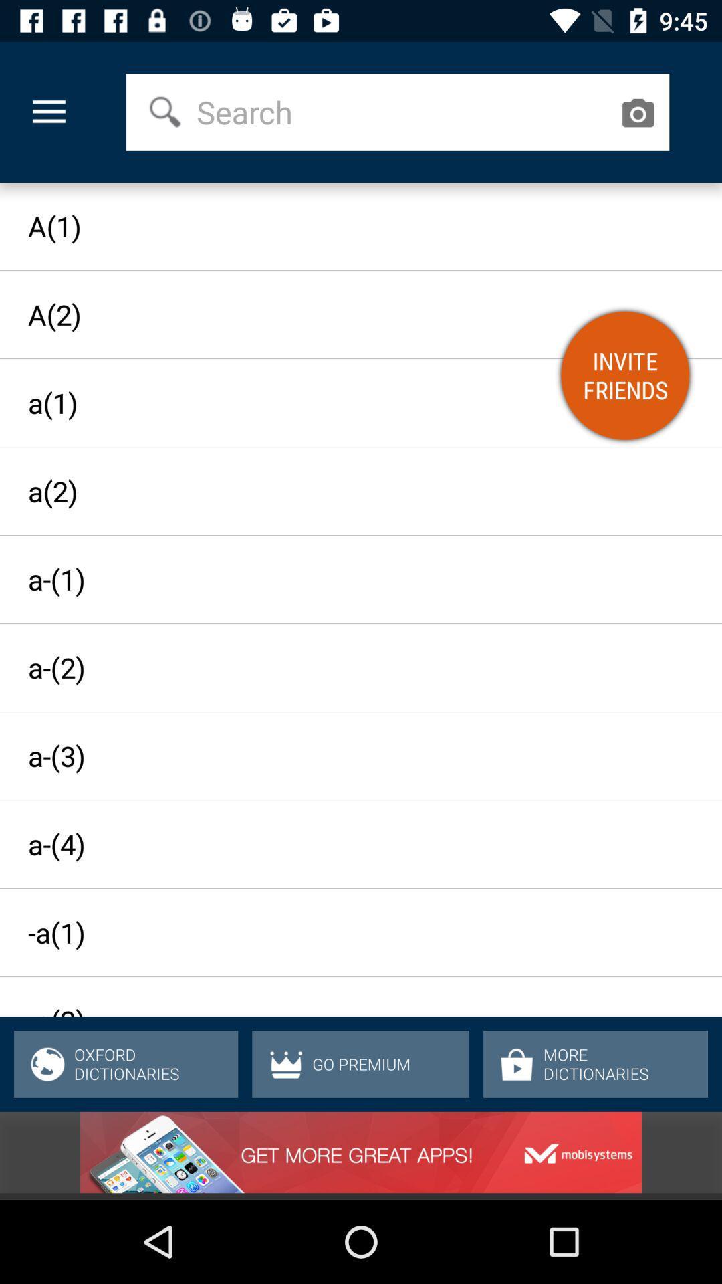 This screenshot has height=1284, width=722. I want to click on the item above the a(2), so click(625, 374).